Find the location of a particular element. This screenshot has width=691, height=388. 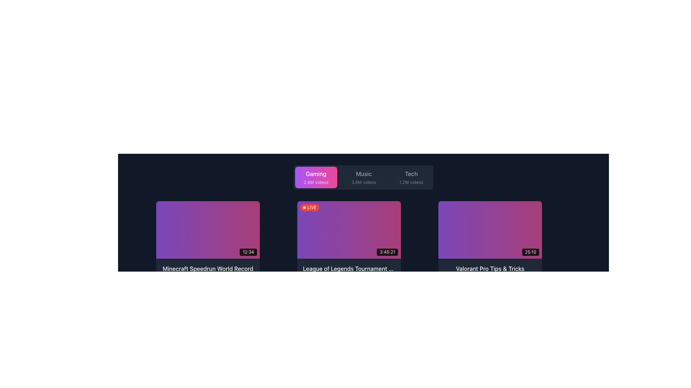

the 'Tech' button, which displays 'Tech' and '1.2M videos' in a vertical arrangement is located at coordinates (411, 177).